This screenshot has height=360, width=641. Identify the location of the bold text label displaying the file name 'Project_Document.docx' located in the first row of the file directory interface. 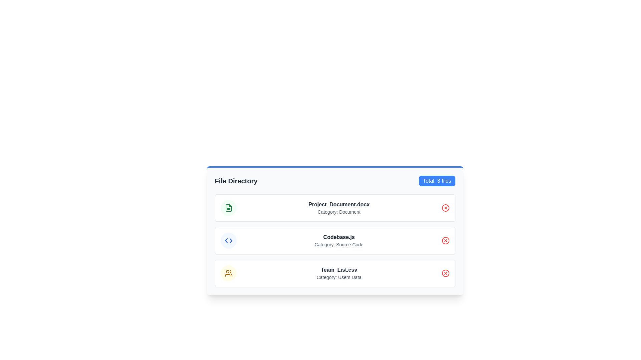
(339, 204).